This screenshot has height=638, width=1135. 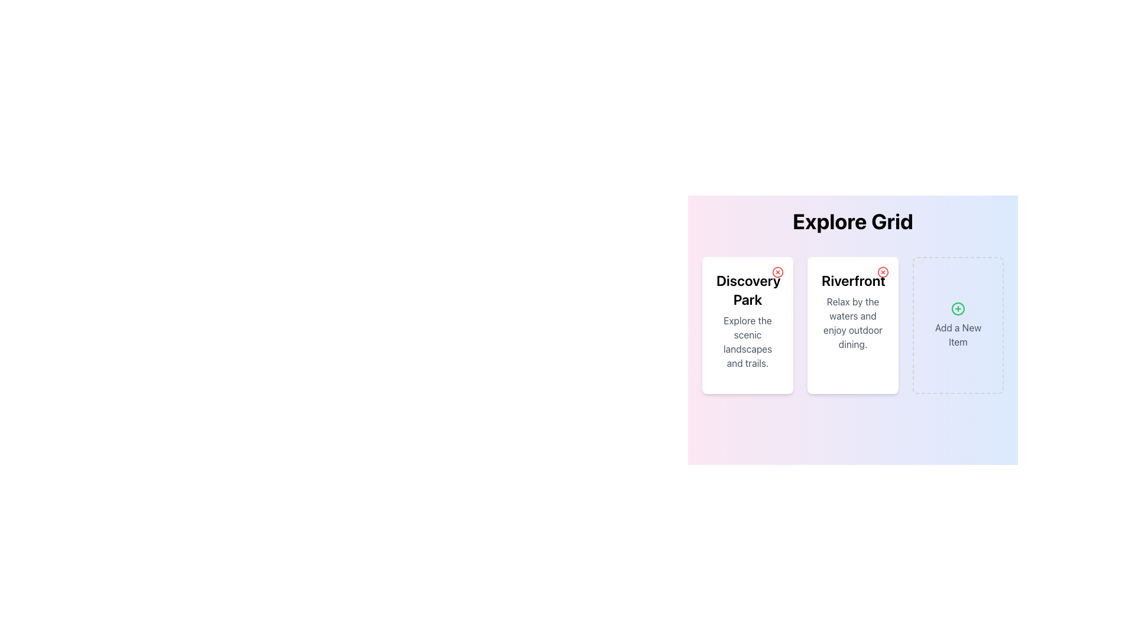 What do you see at coordinates (777, 272) in the screenshot?
I see `the Circle SVG element located in the first card labeled 'Discovery Park'` at bounding box center [777, 272].